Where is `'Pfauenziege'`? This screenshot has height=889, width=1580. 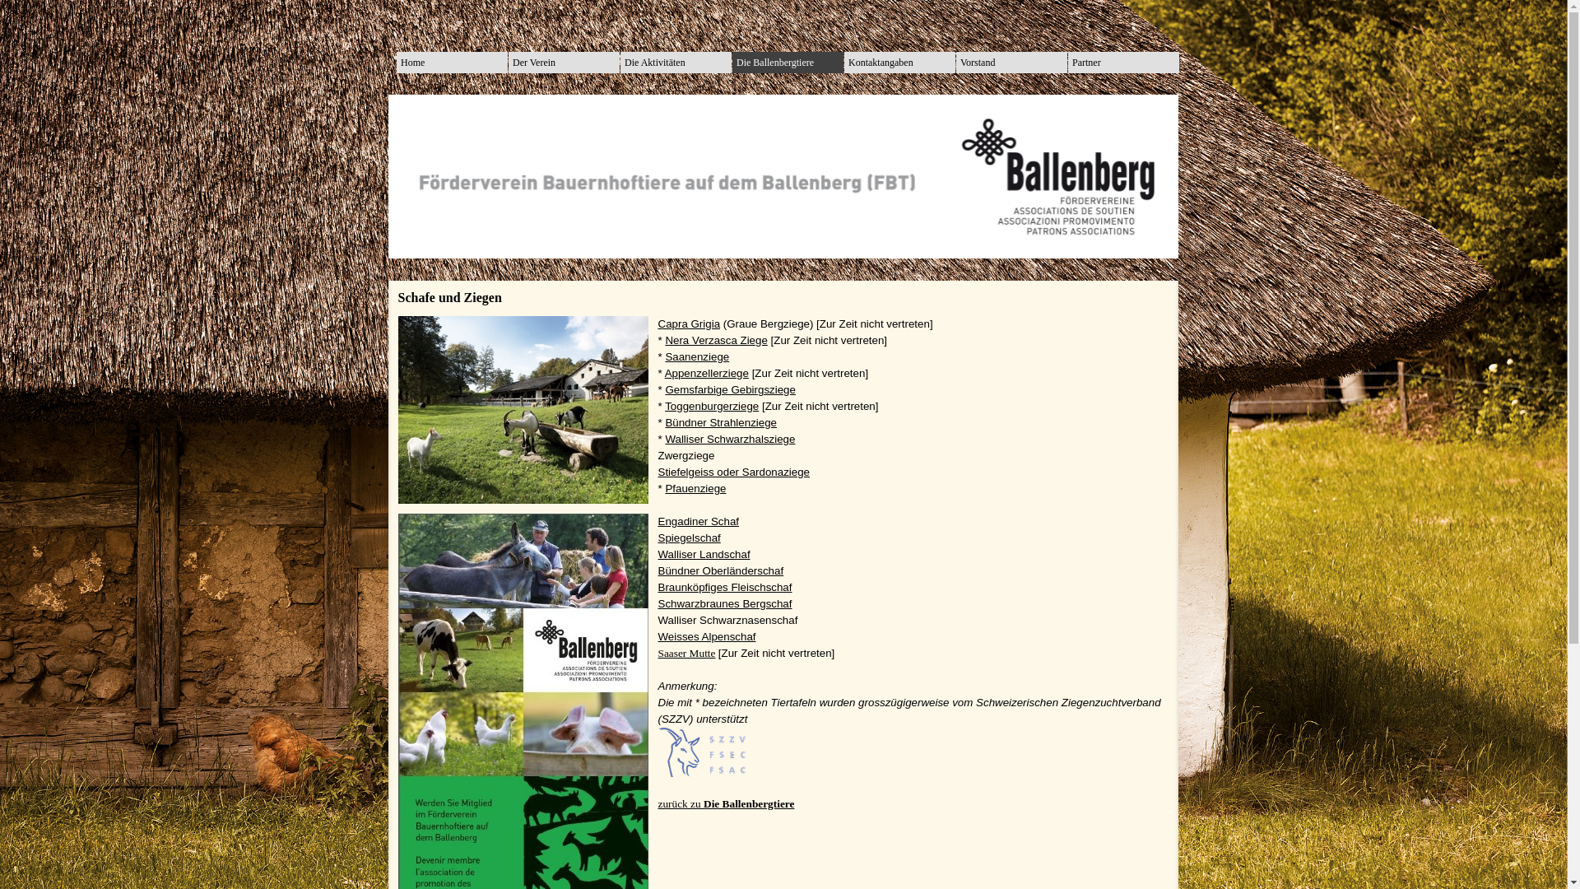
'Pfauenziege' is located at coordinates (695, 487).